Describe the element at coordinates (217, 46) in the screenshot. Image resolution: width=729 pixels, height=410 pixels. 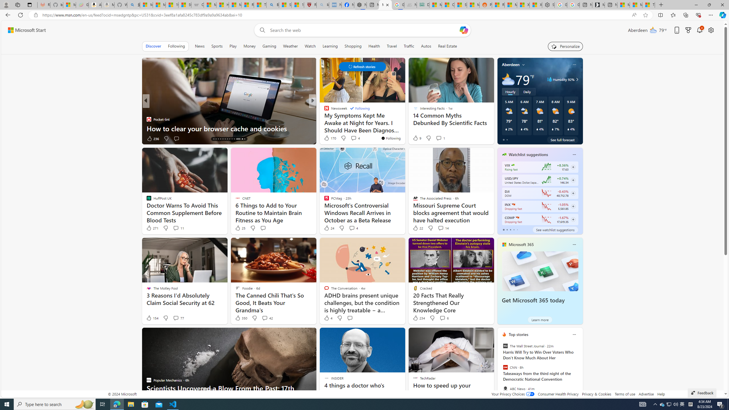
I see `'Sports'` at that location.